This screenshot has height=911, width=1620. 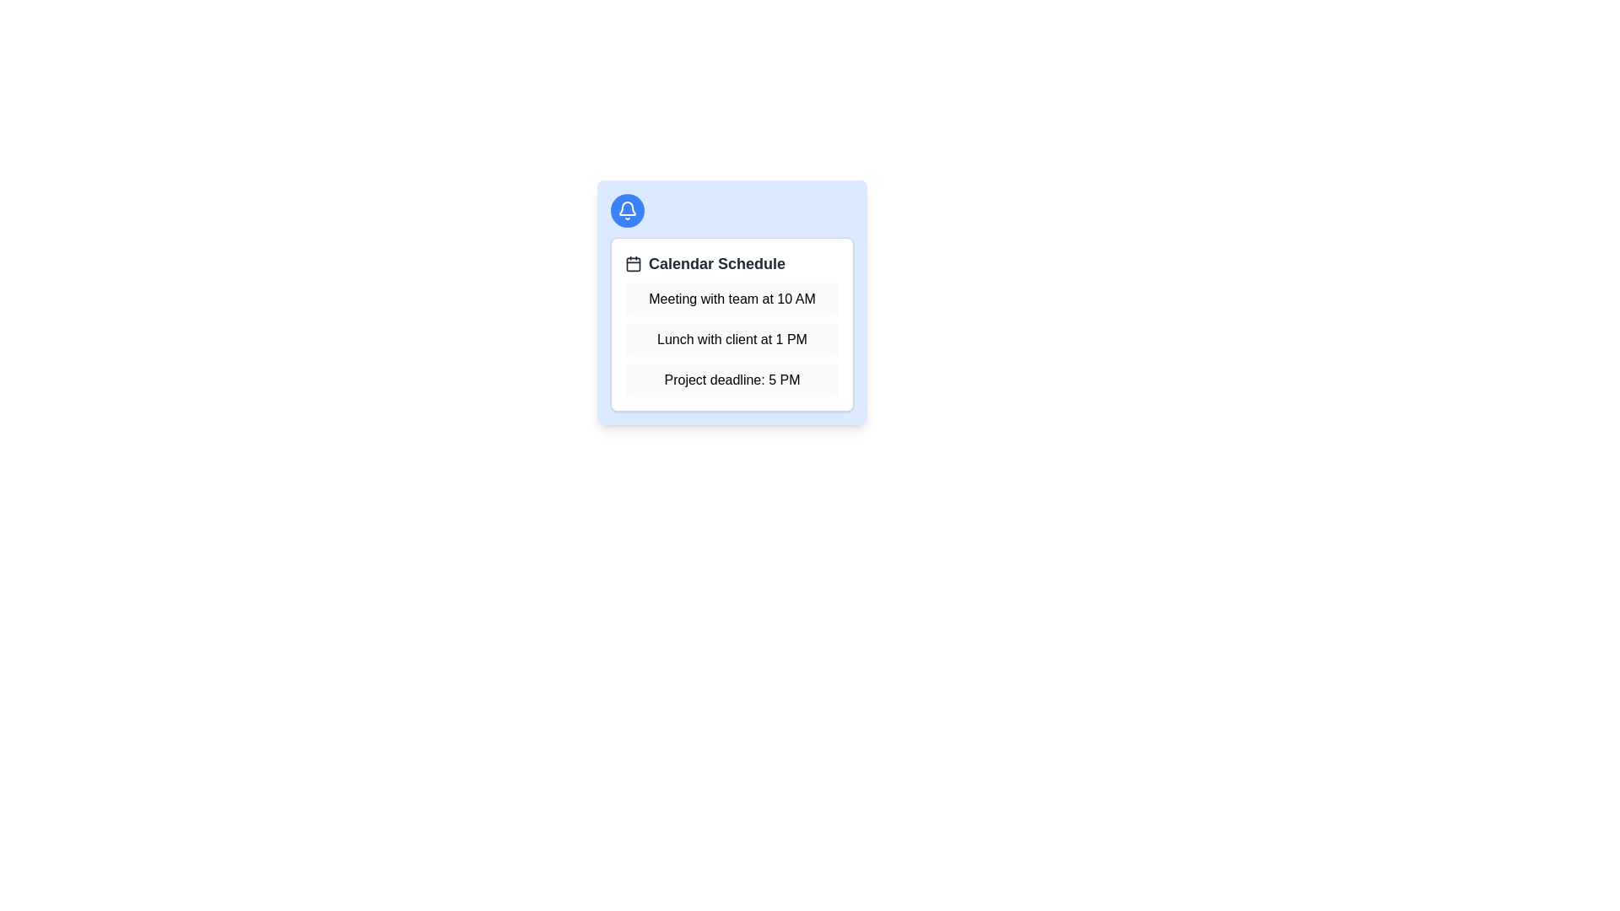 I want to click on the text 'Project deadline: 5 PM' from the third informational box in the vertical list of schedule elements, so click(x=732, y=380).